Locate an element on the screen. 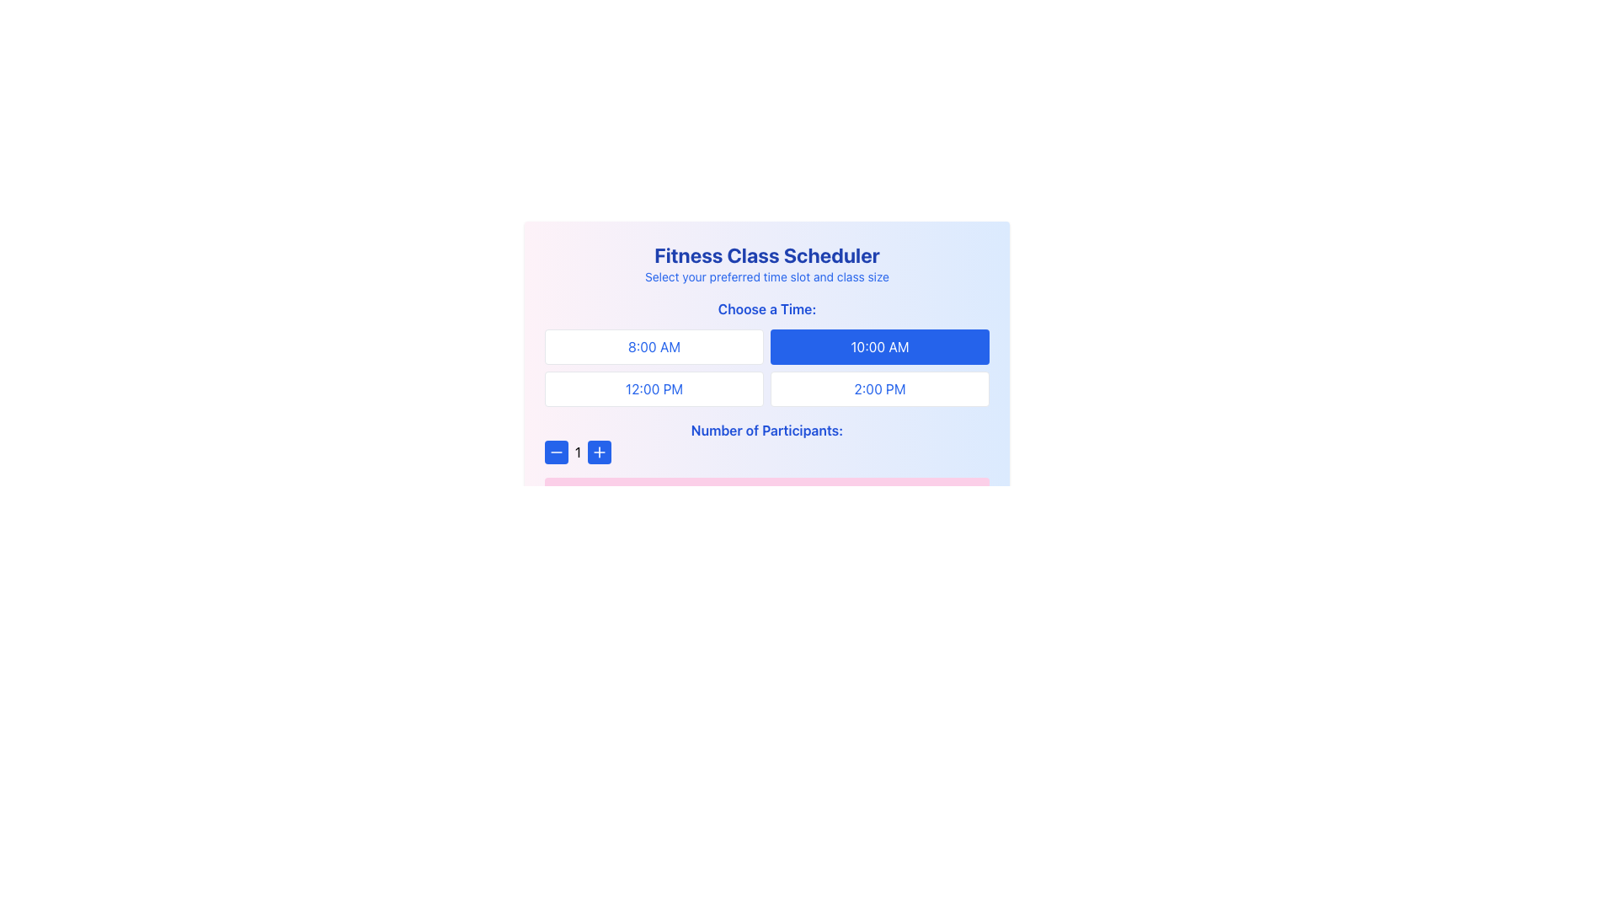 The image size is (1617, 910). the button displaying '10:00 AM' with a blue background is located at coordinates (879, 346).